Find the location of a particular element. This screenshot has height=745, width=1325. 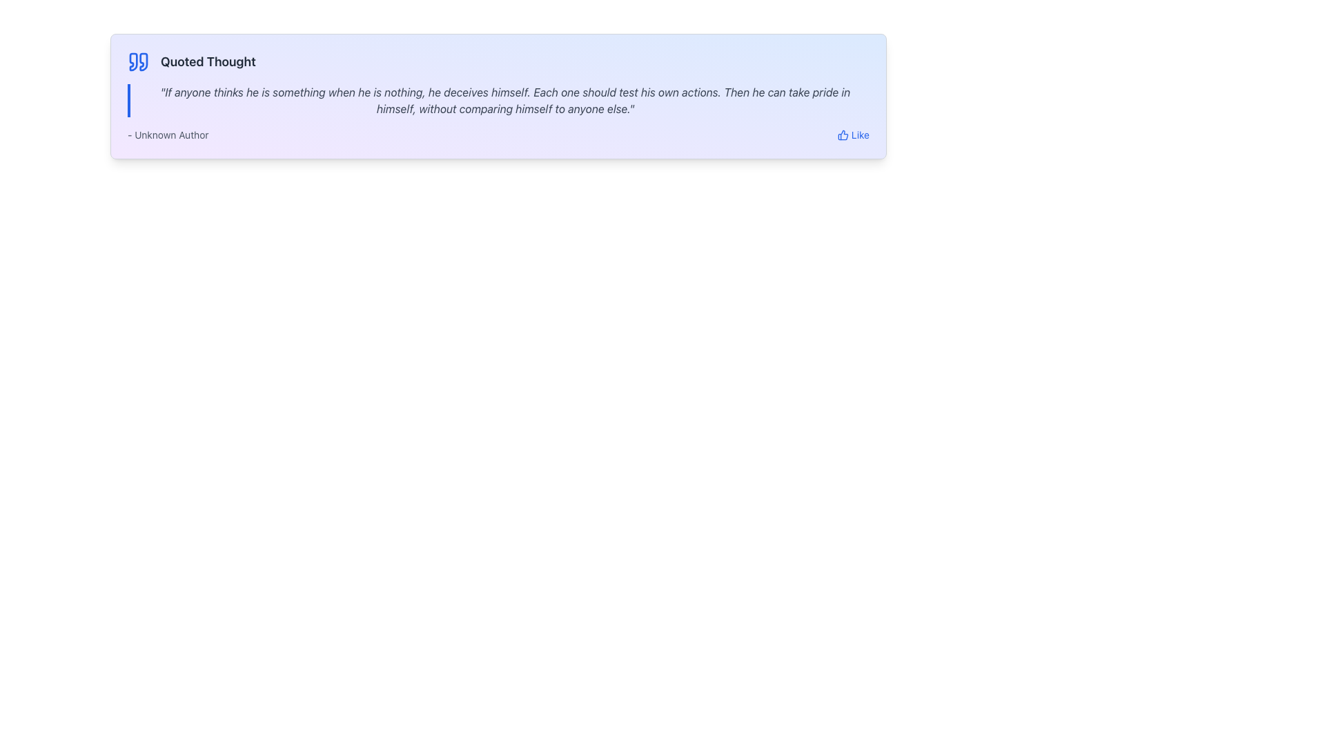

the 'Like' button with a thumbs-up icon located at the bottom right of the card section is located at coordinates (852, 135).